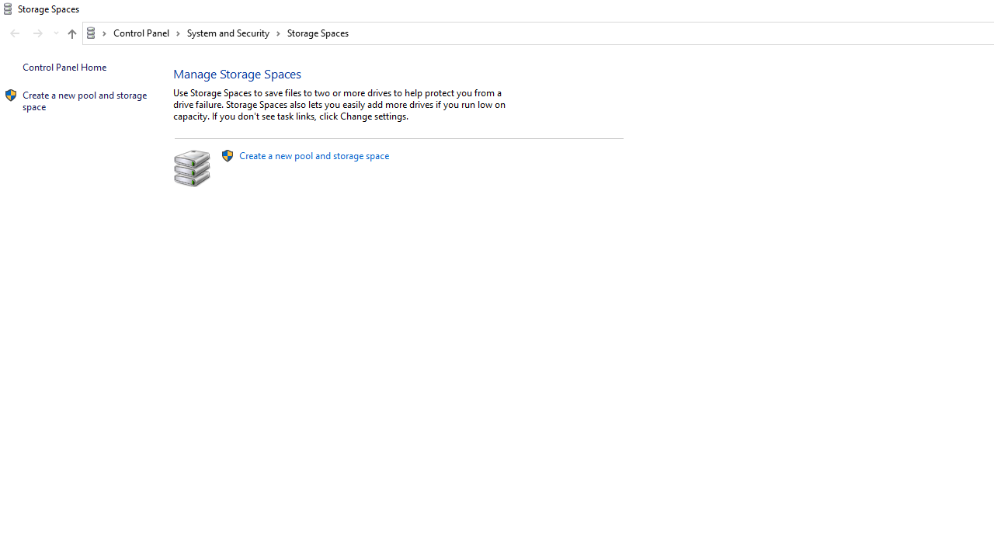 This screenshot has width=994, height=559. Describe the element at coordinates (313, 155) in the screenshot. I see `'Create a new pool and storage space'` at that location.